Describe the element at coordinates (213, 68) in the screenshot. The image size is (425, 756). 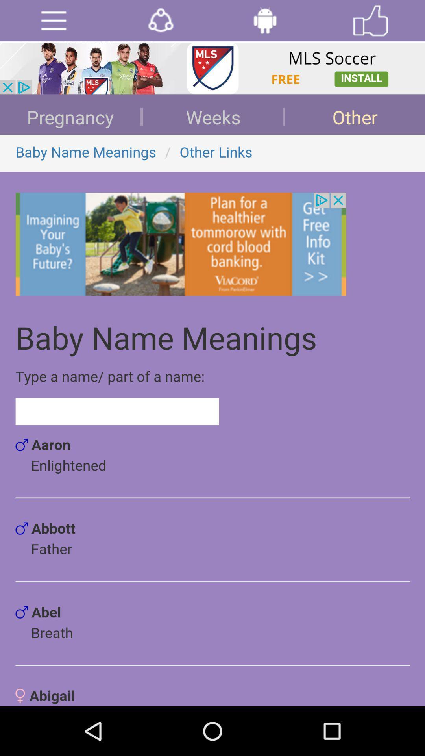
I see `install mls soccer` at that location.